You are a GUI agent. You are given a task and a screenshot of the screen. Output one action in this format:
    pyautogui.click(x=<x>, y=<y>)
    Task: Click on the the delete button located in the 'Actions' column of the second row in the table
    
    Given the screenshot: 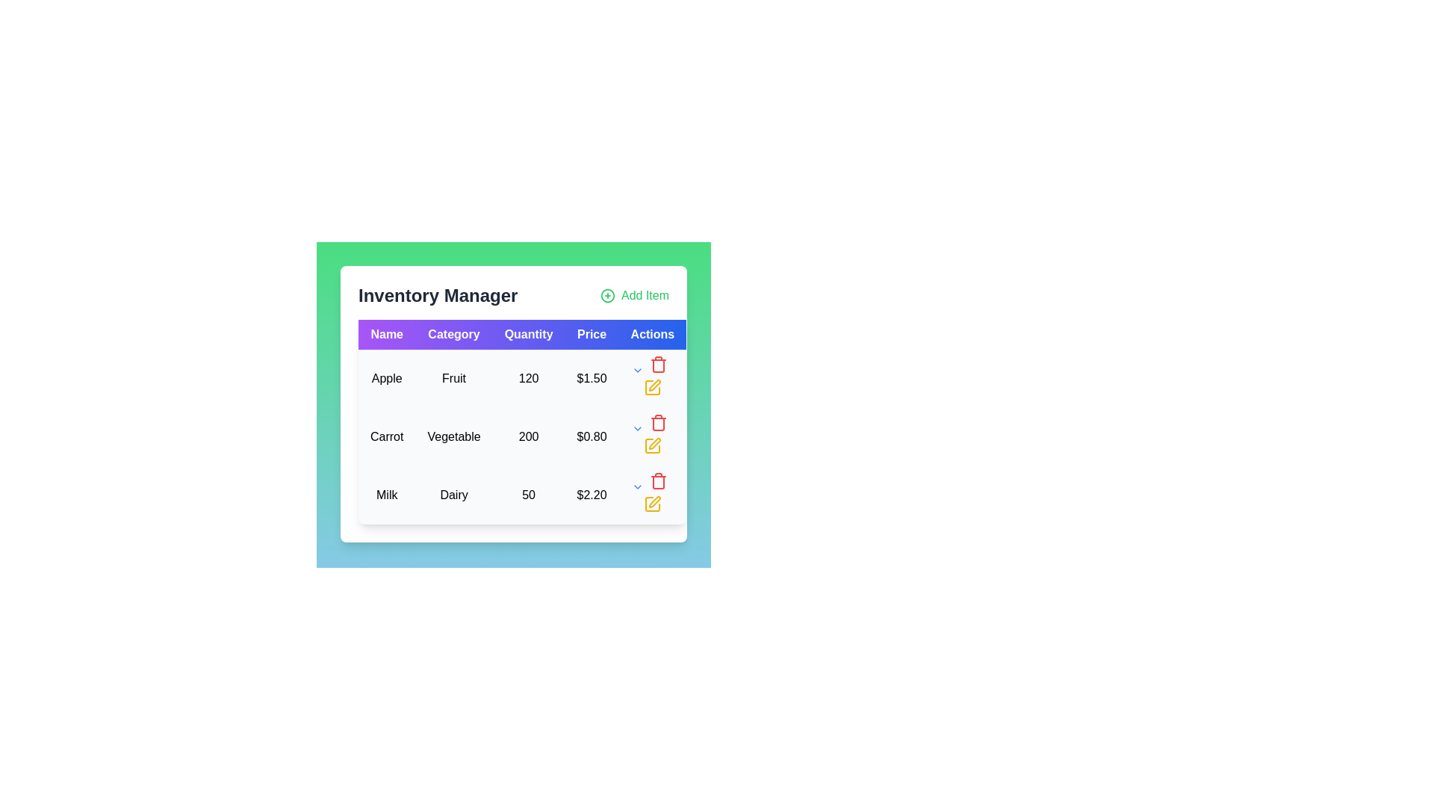 What is the action you would take?
    pyautogui.click(x=657, y=481)
    